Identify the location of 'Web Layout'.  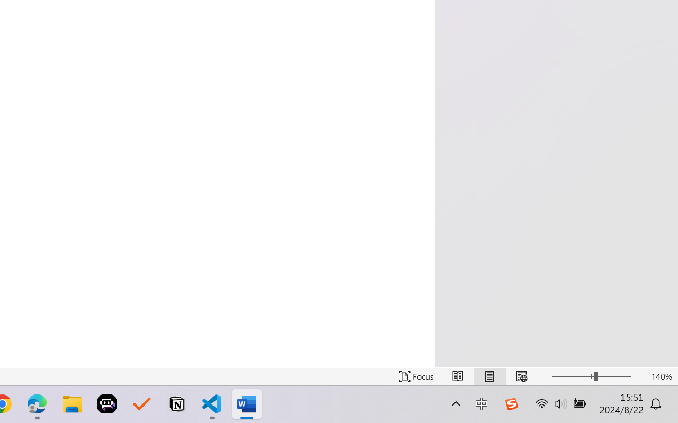
(521, 376).